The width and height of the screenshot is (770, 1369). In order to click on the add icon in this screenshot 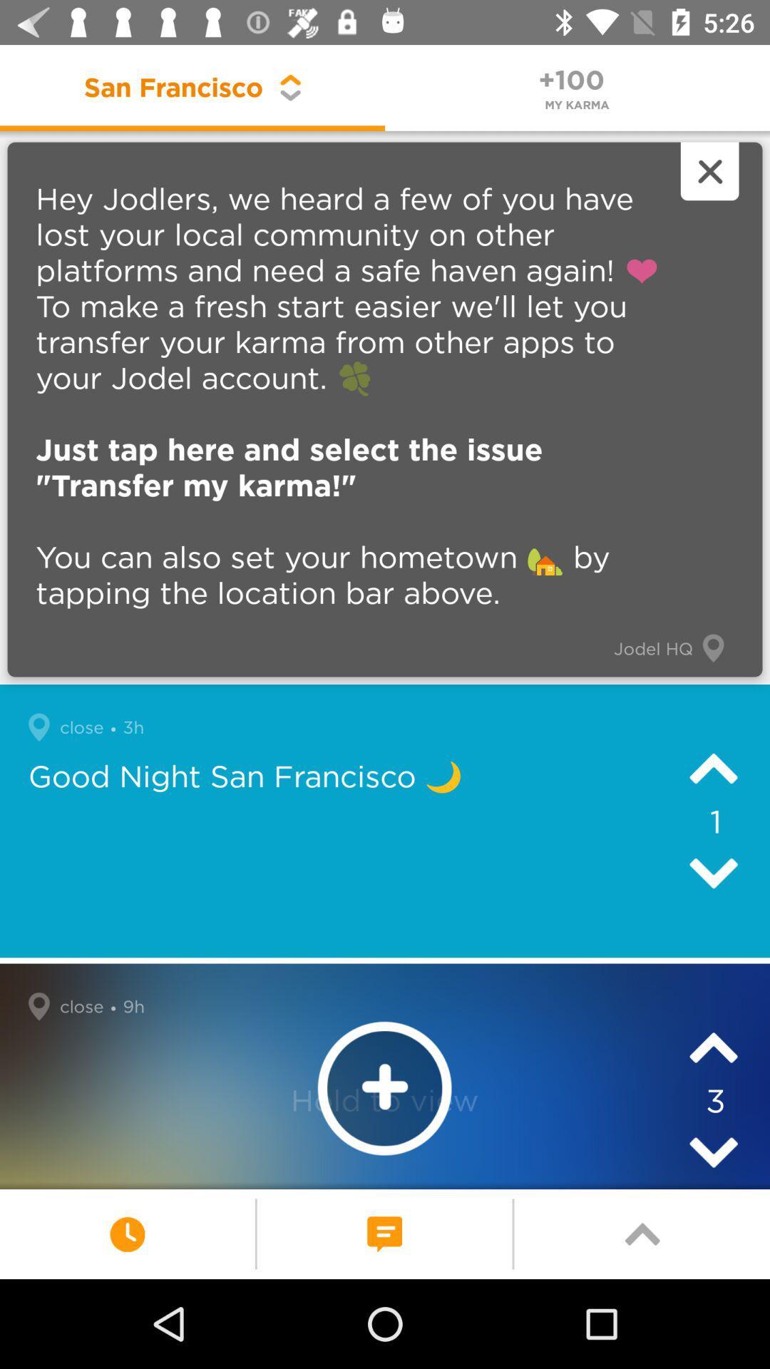, I will do `click(384, 1087)`.